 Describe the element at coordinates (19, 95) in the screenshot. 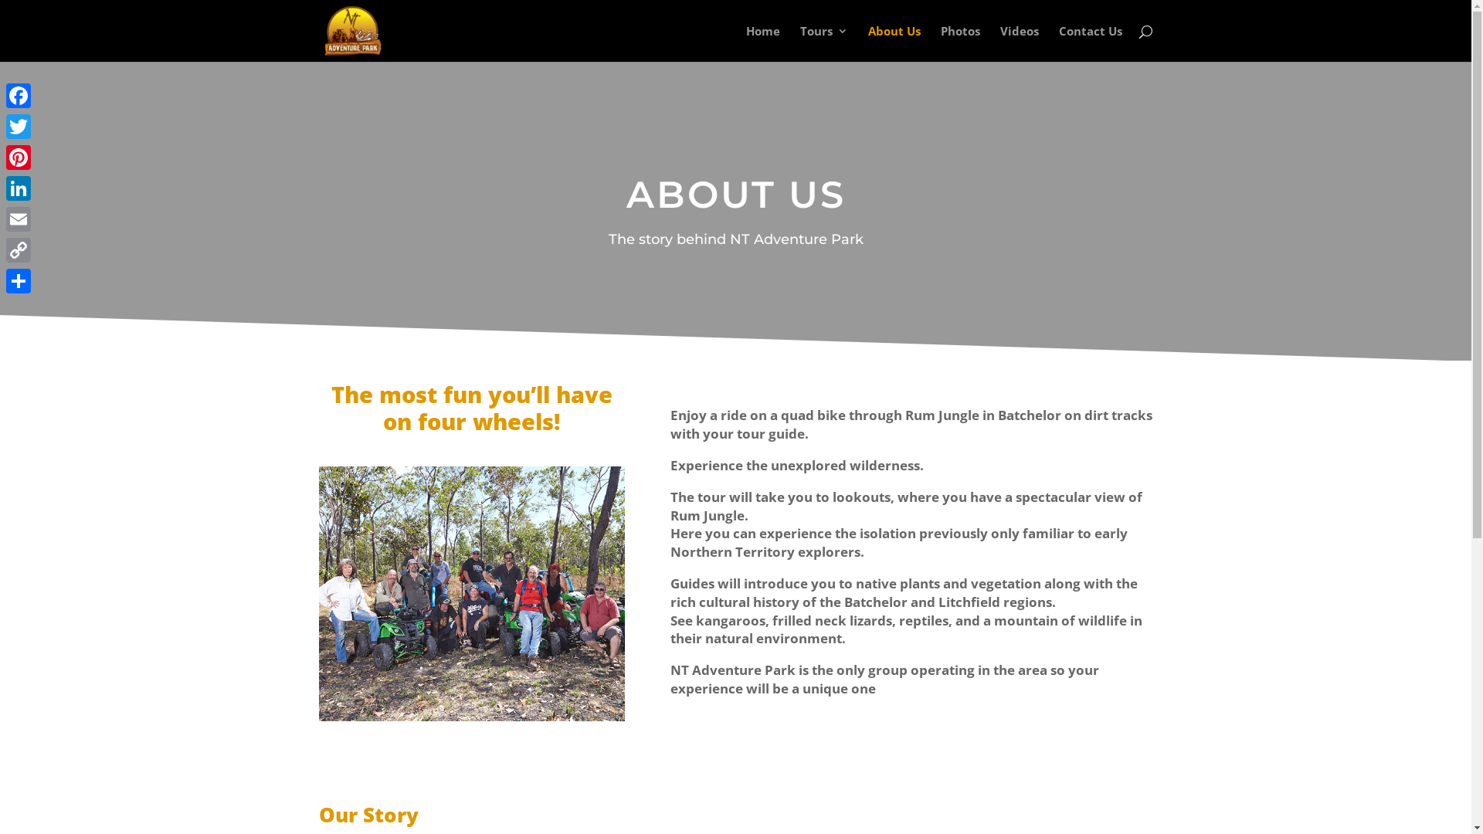

I see `'Facebook'` at that location.